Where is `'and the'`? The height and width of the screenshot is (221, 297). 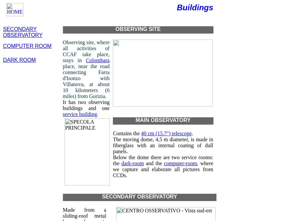
'and the' is located at coordinates (153, 163).